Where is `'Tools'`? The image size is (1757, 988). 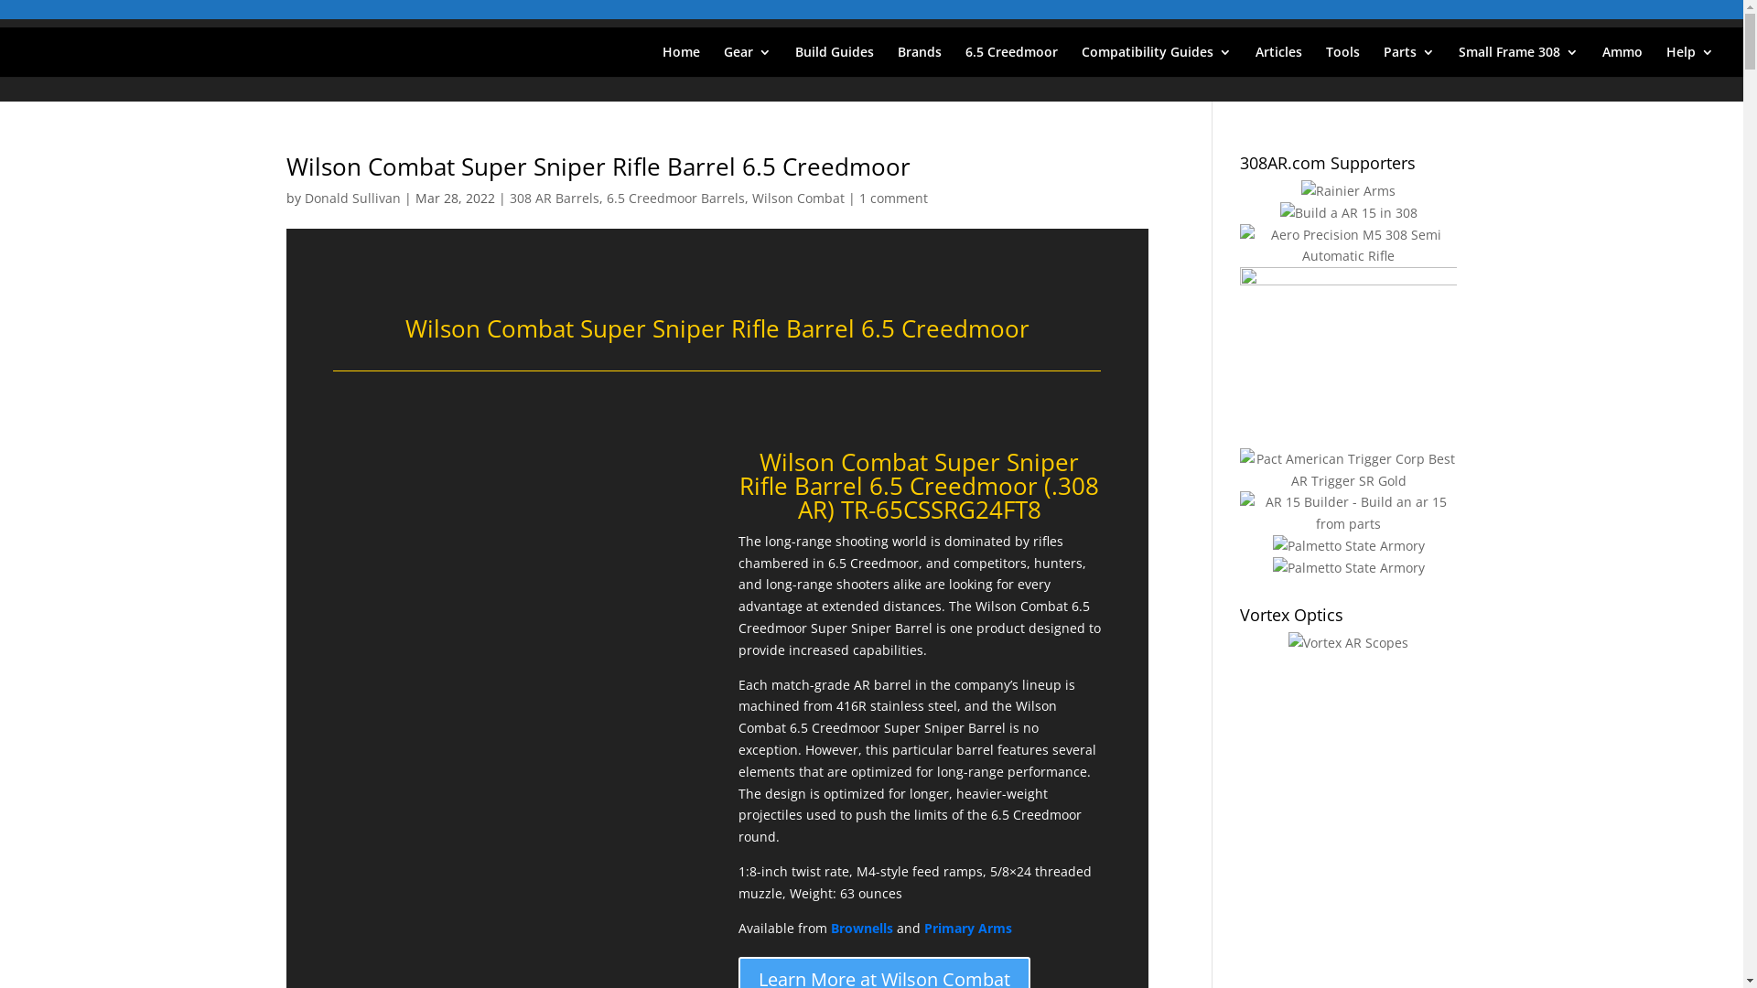 'Tools' is located at coordinates (1342, 59).